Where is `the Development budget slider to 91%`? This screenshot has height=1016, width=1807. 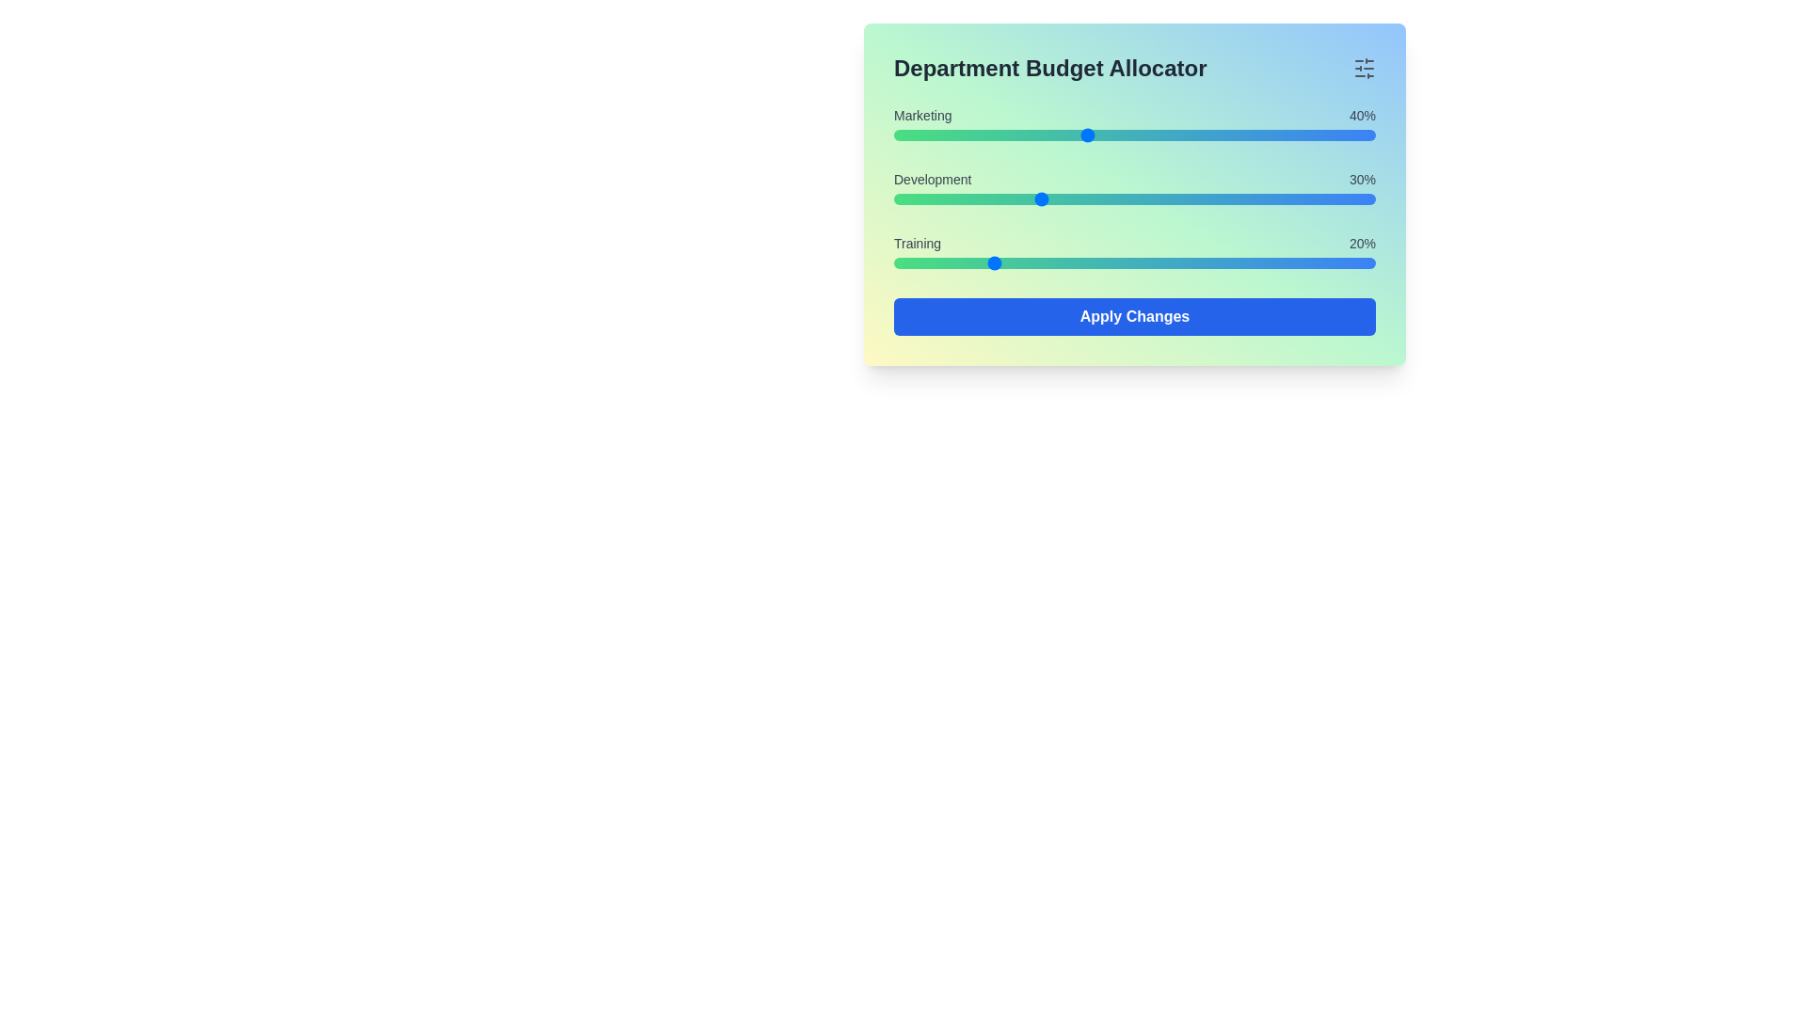 the Development budget slider to 91% is located at coordinates (1332, 199).